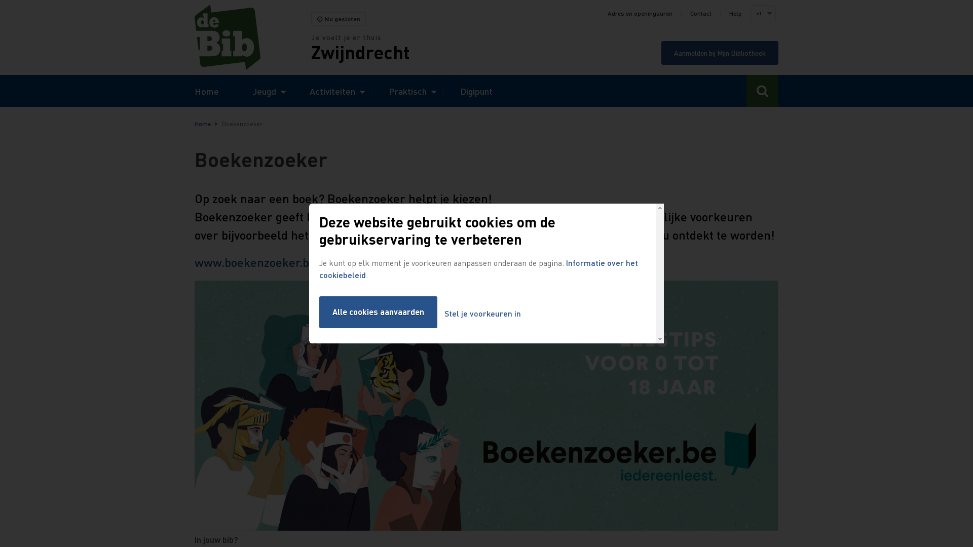  I want to click on 'Help', so click(735, 14).